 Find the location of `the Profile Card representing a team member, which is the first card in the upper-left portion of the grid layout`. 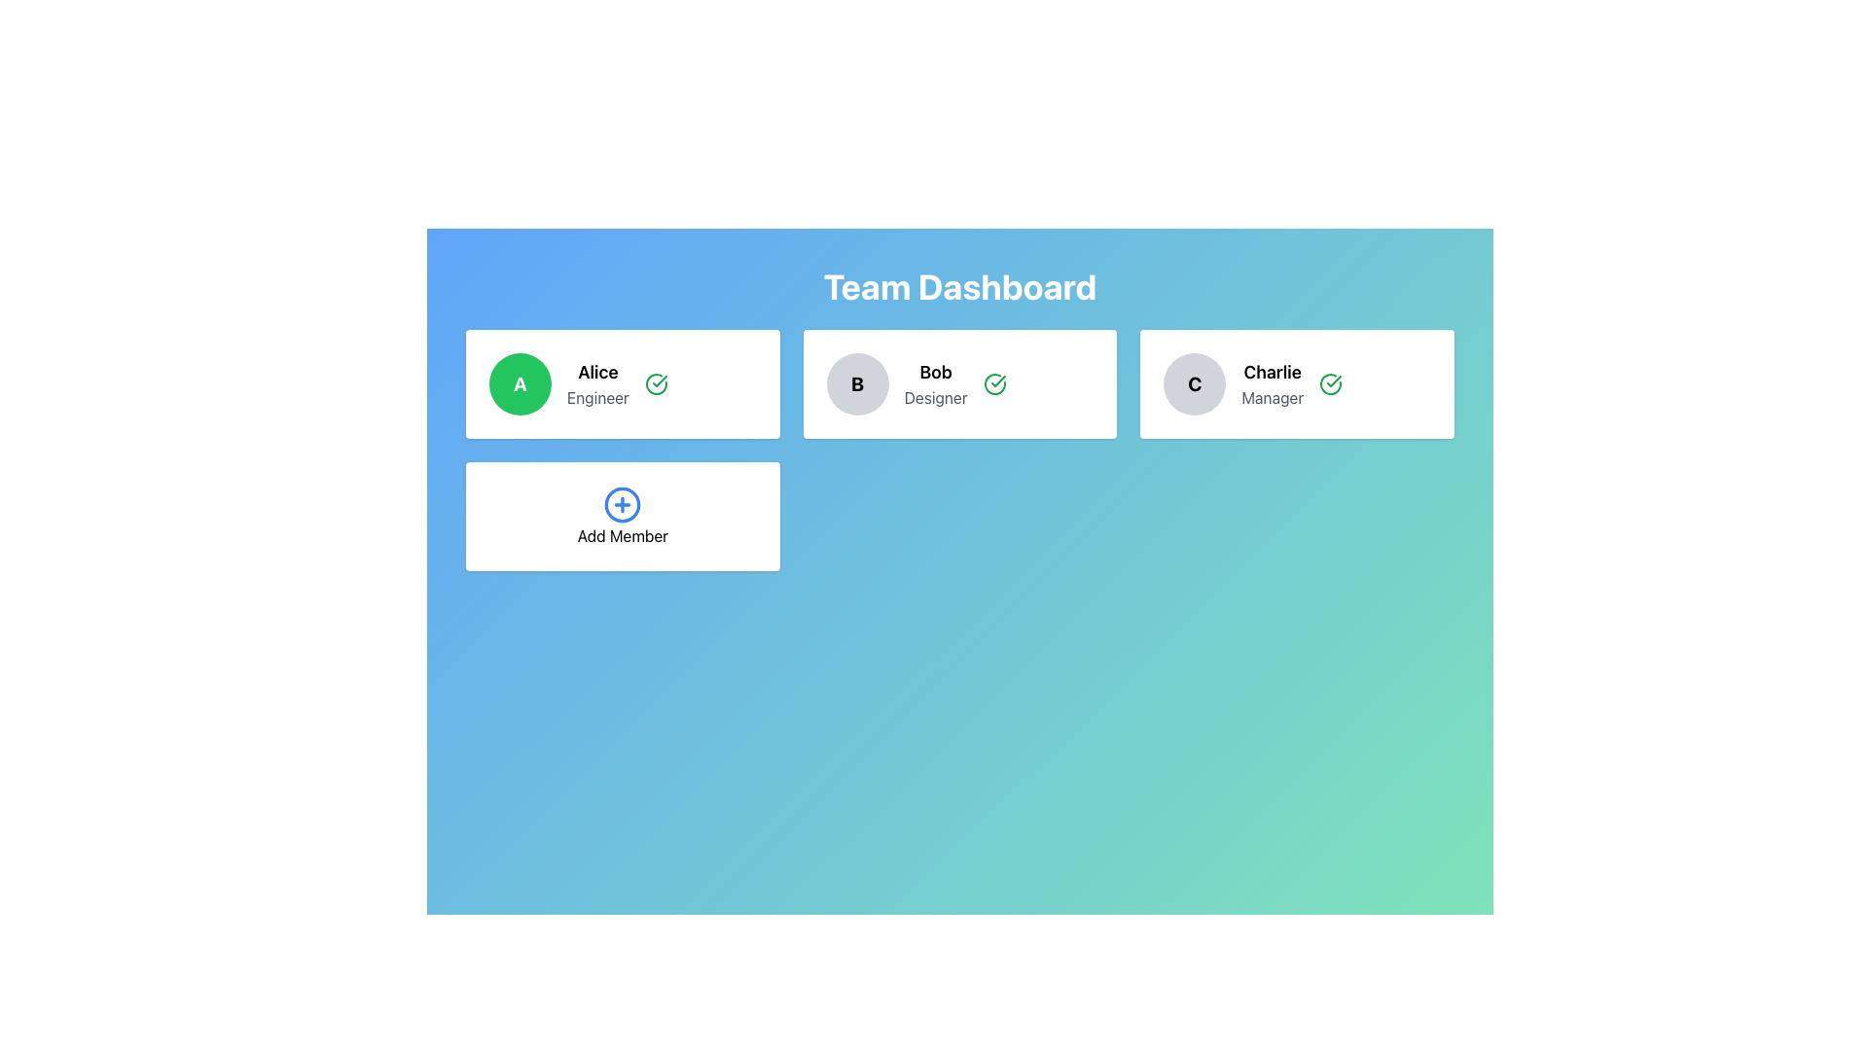

the Profile Card representing a team member, which is the first card in the upper-left portion of the grid layout is located at coordinates (623, 383).